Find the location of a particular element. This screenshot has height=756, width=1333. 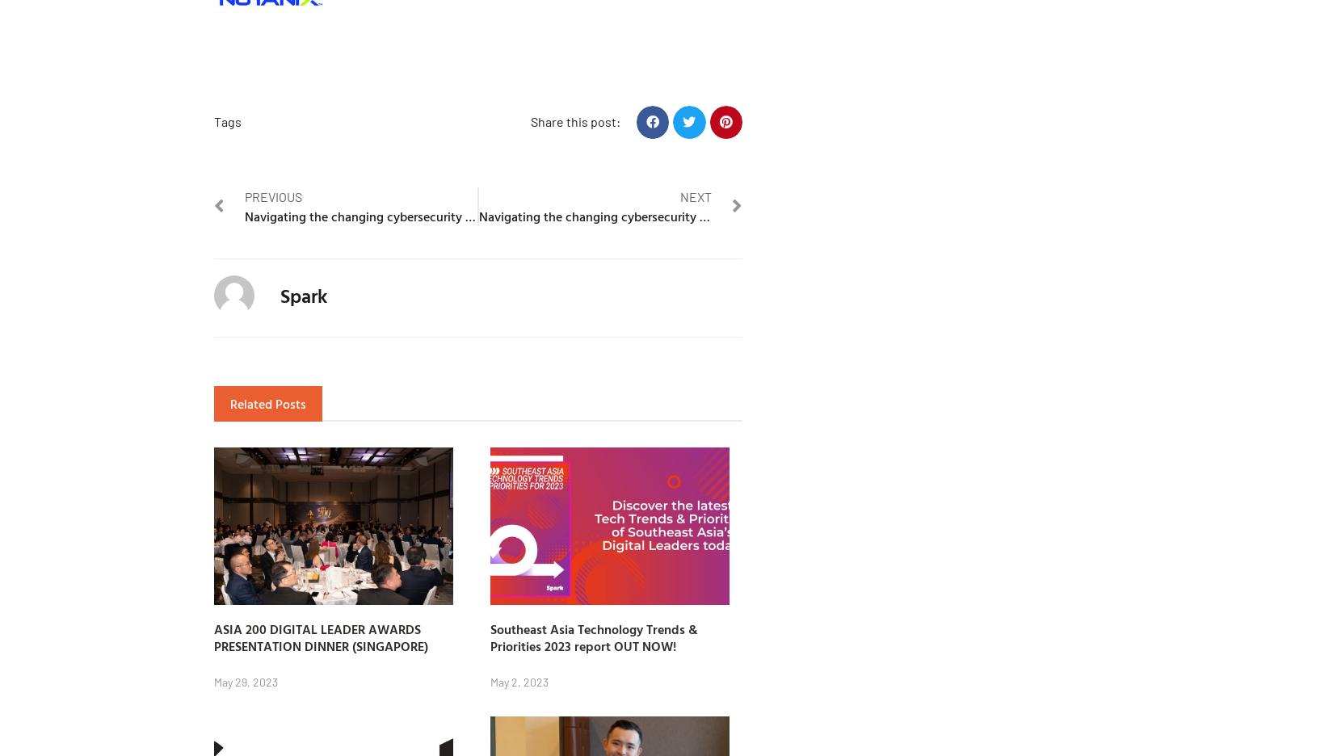

'Previous' is located at coordinates (273, 195).